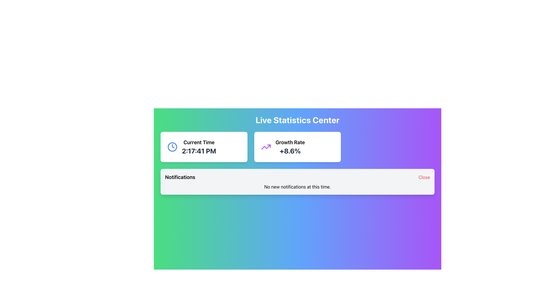 This screenshot has height=303, width=540. Describe the element at coordinates (199, 142) in the screenshot. I see `the text label displaying 'Current Time' which is bold and black, located at the top-left of a white card with rounded corners` at that location.